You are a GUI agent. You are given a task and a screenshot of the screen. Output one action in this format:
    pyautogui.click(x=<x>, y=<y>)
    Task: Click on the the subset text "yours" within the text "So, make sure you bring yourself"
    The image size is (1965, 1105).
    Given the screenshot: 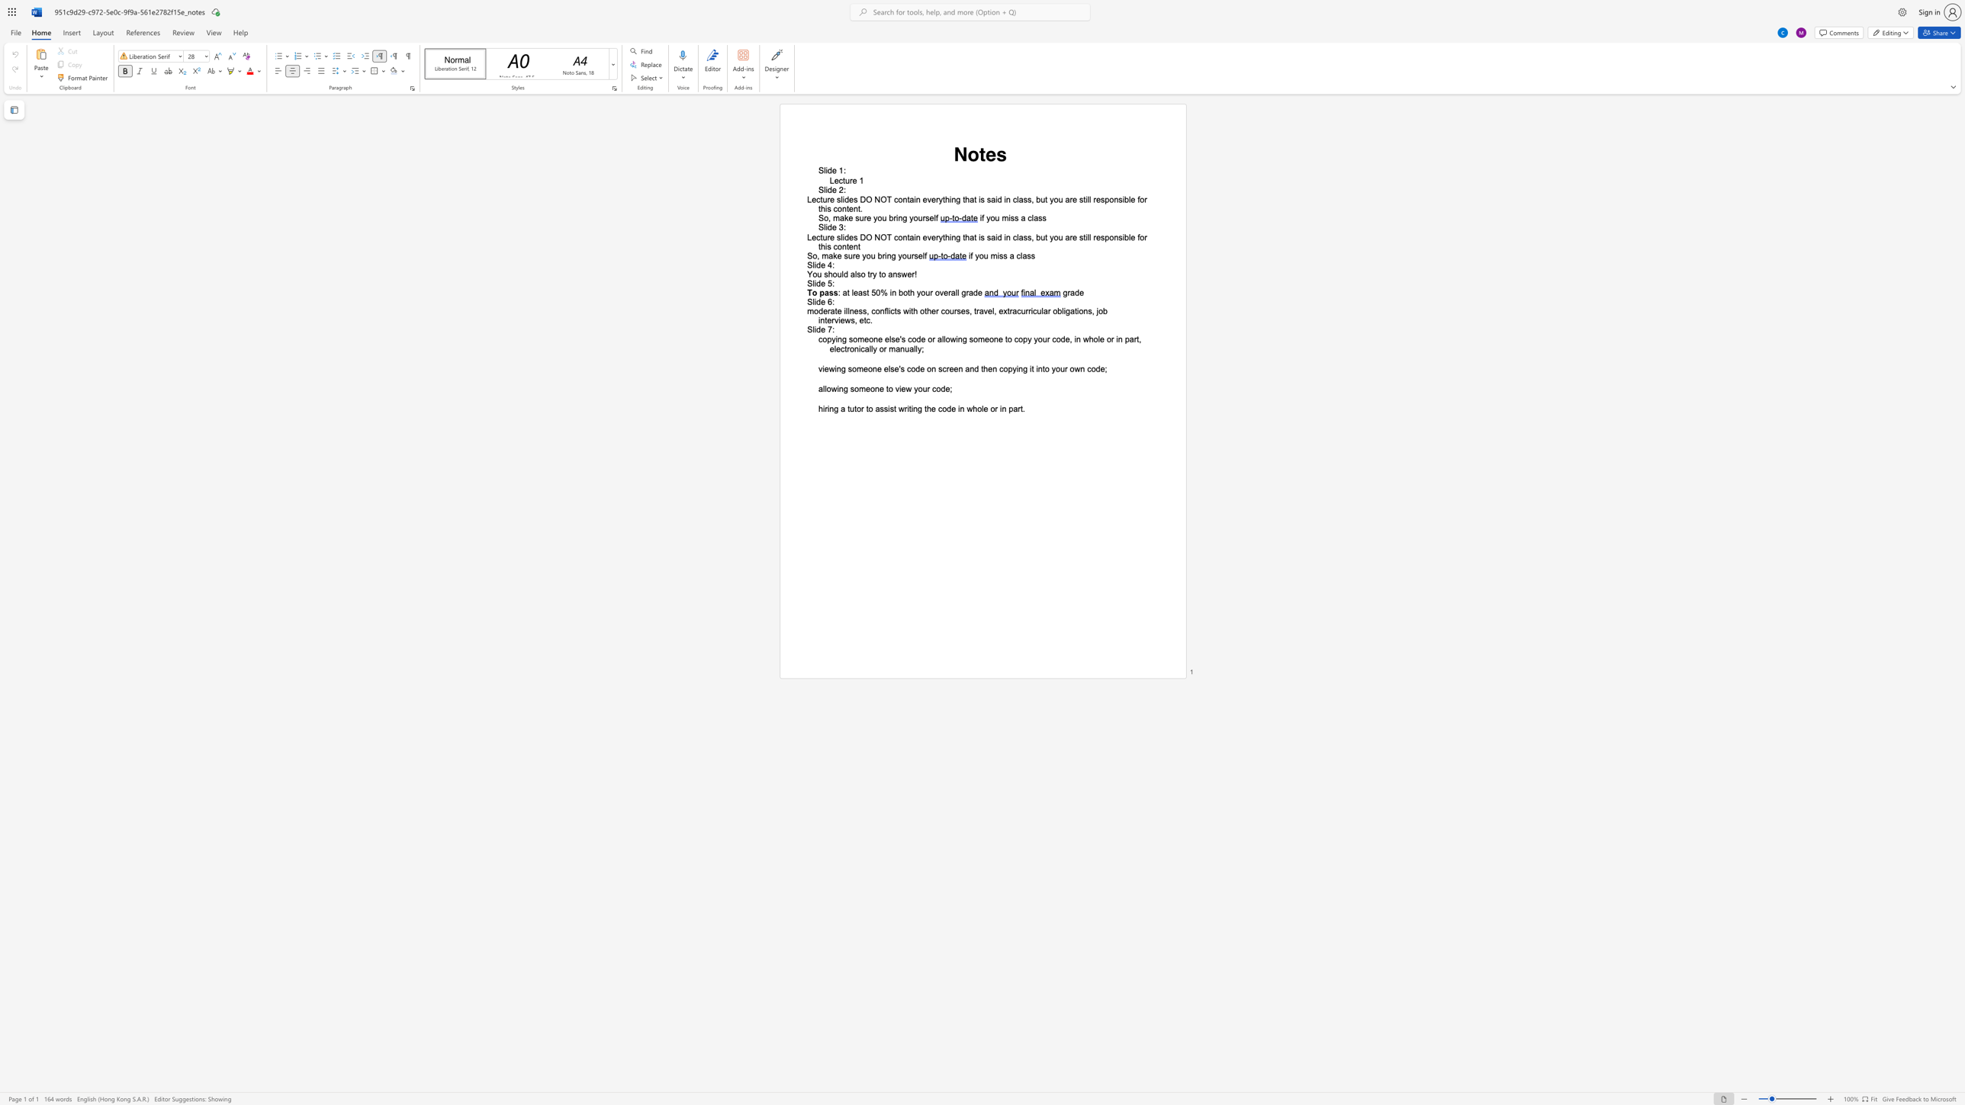 What is the action you would take?
    pyautogui.click(x=909, y=217)
    